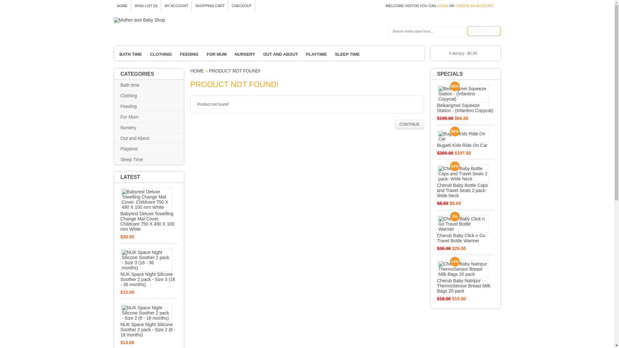 The image size is (619, 348). Describe the element at coordinates (192, 6) in the screenshot. I see `'SHOPPING CART'` at that location.